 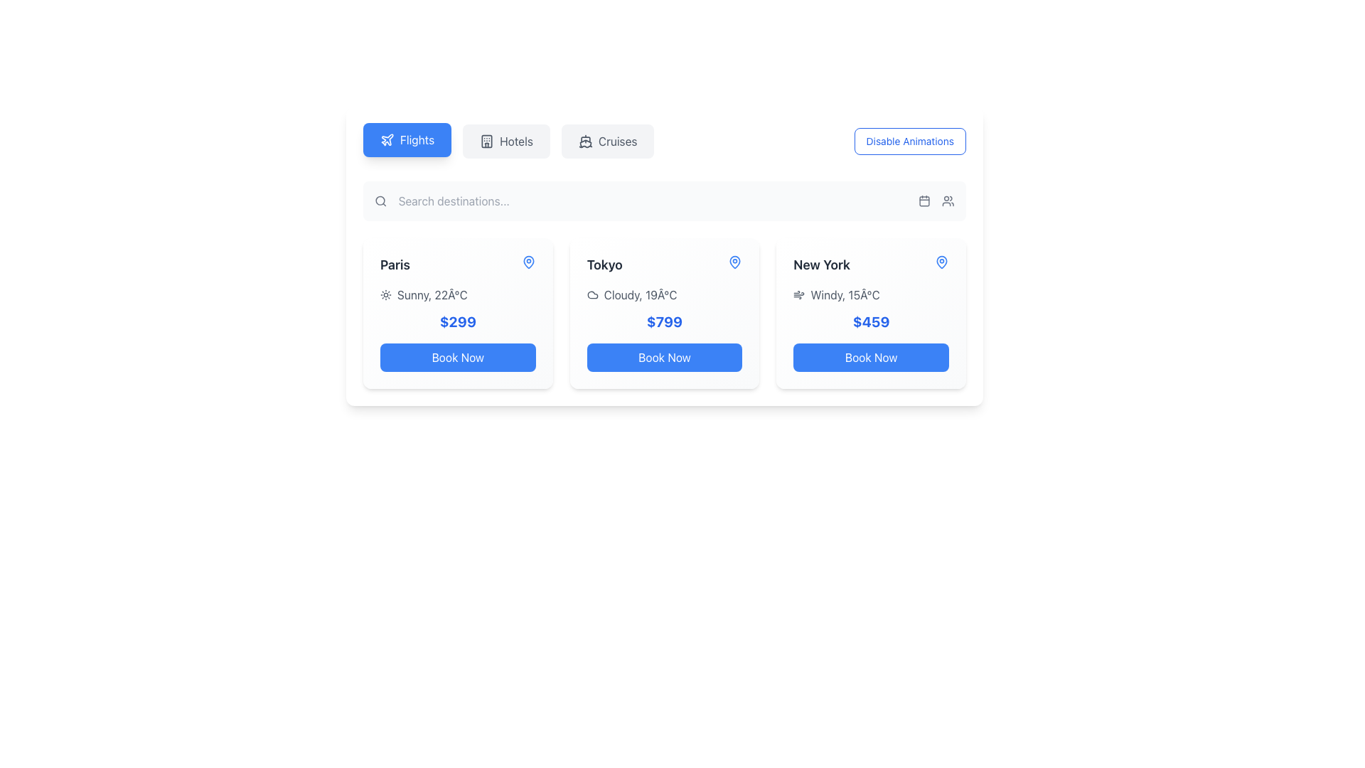 I want to click on the 'Flights' icon located to the far left within the 'Flights' button, enhancing its recognizability, so click(x=387, y=139).